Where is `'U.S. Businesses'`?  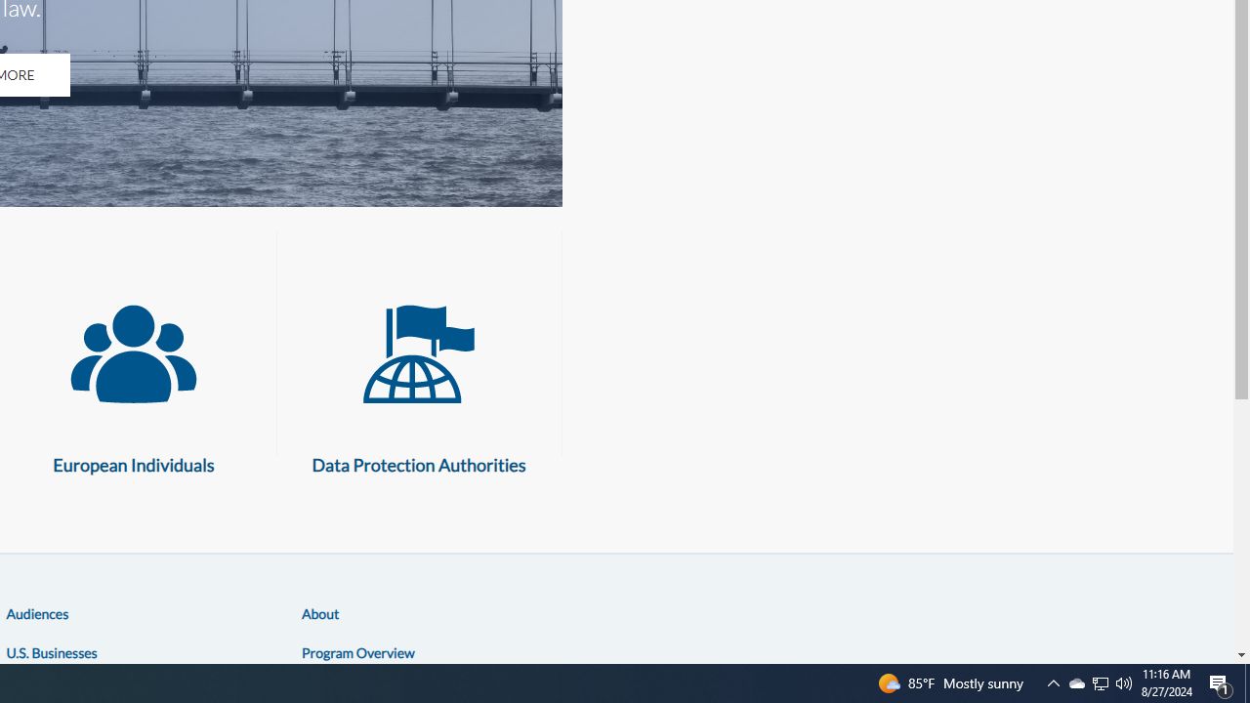
'U.S. Businesses' is located at coordinates (52, 651).